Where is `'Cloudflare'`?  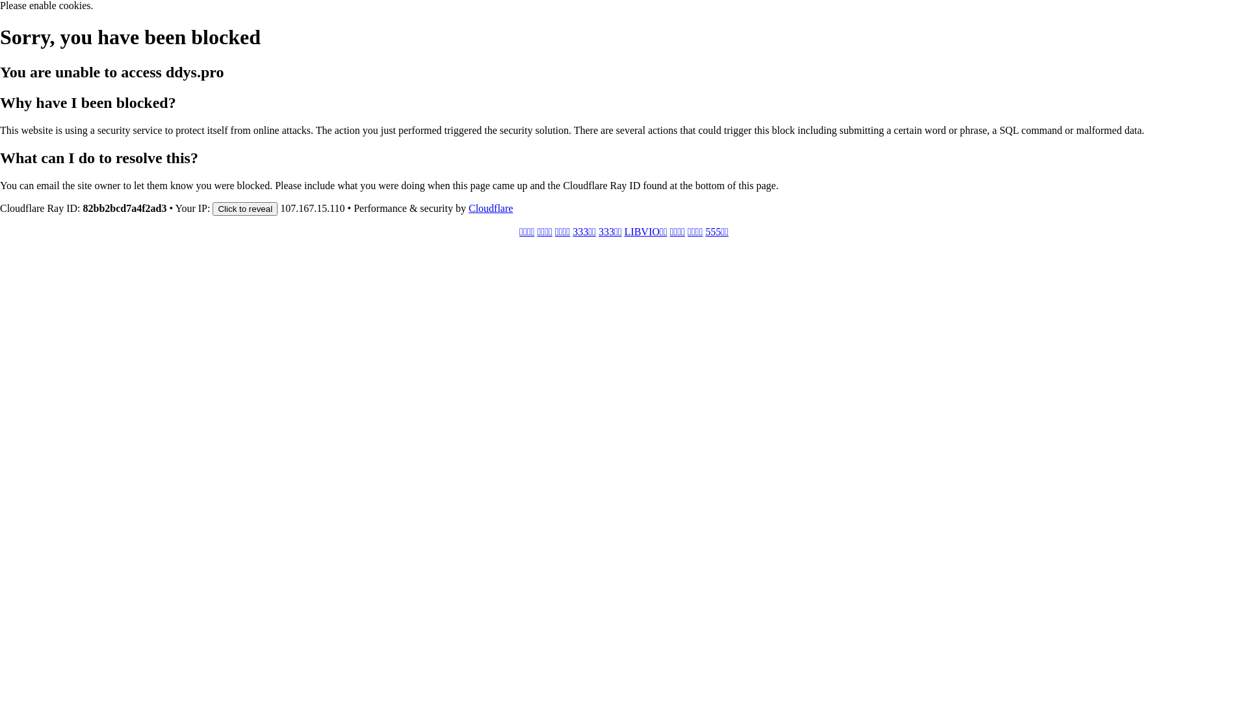
'Cloudflare' is located at coordinates (489, 207).